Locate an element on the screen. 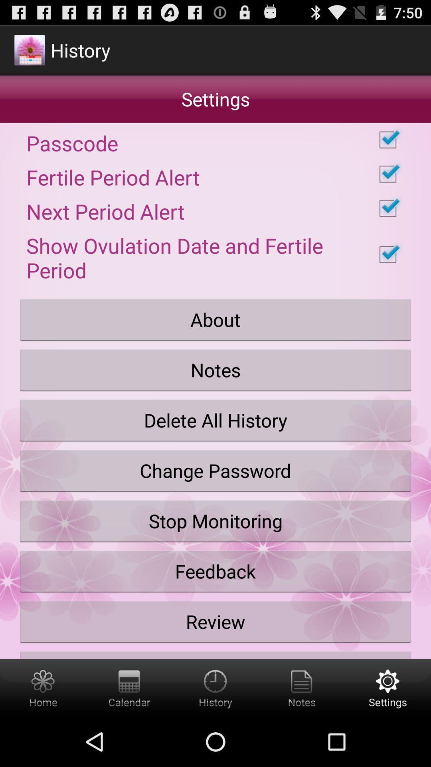 This screenshot has width=431, height=767. the share with friends button is located at coordinates (215, 653).